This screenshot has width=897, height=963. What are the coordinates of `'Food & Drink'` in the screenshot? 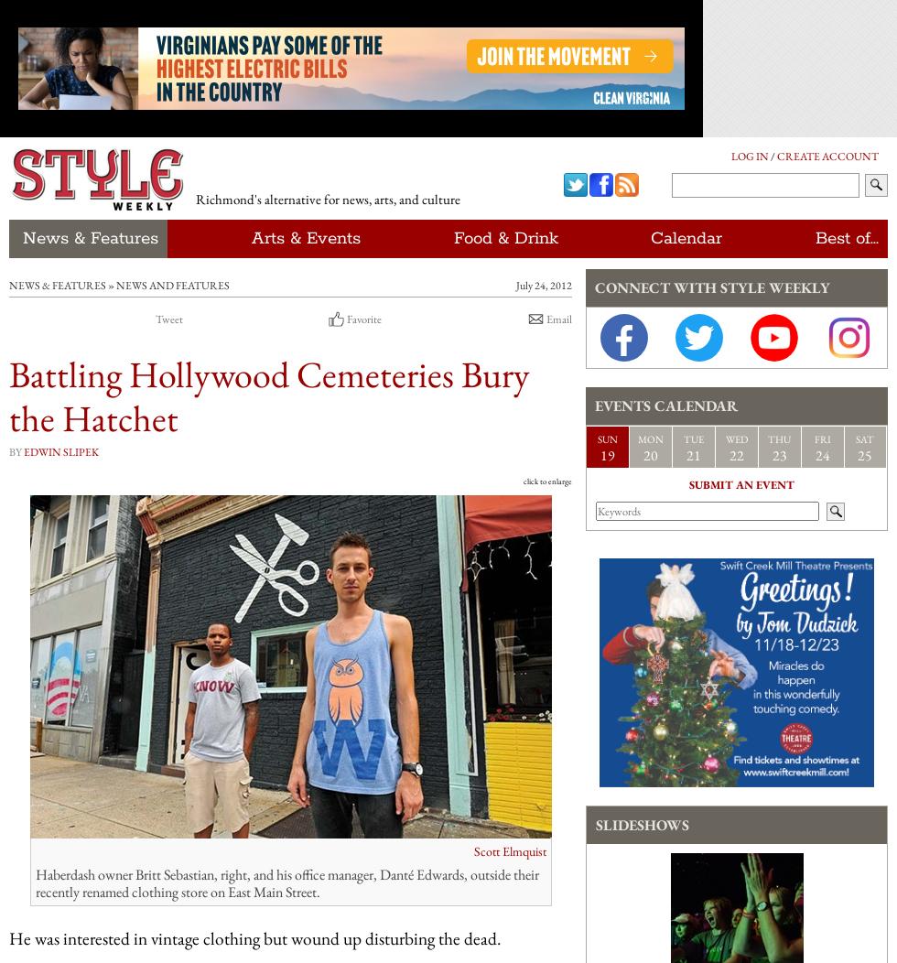 It's located at (505, 238).